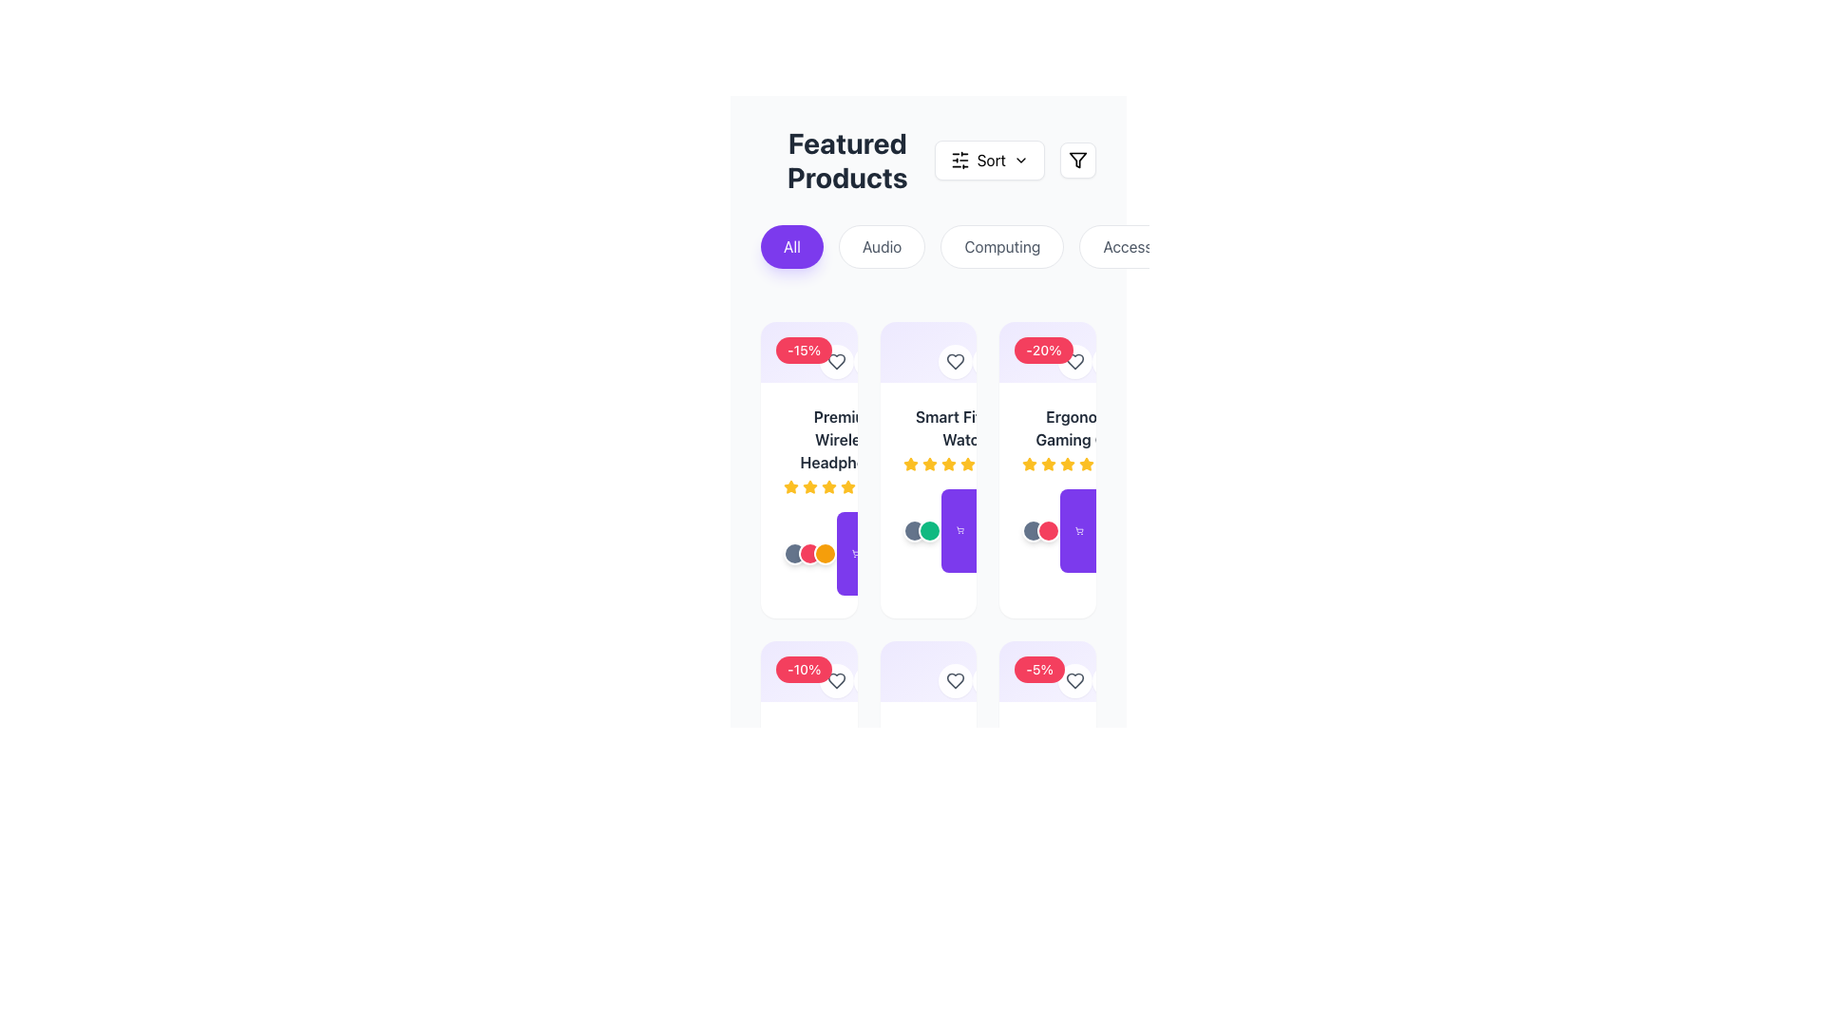 The image size is (1824, 1026). What do you see at coordinates (791, 486) in the screenshot?
I see `the first star icon in the rating system under the product labeled 'Premium Wireless Headphone'` at bounding box center [791, 486].